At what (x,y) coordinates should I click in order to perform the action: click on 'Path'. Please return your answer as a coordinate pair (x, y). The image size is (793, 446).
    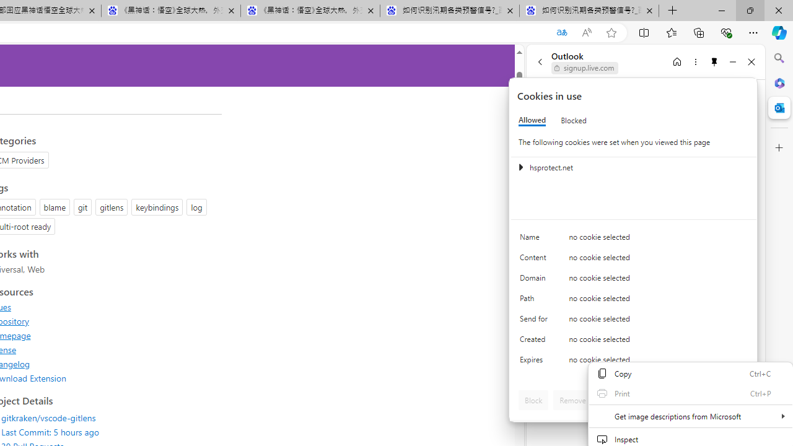
    Looking at the image, I should click on (536, 301).